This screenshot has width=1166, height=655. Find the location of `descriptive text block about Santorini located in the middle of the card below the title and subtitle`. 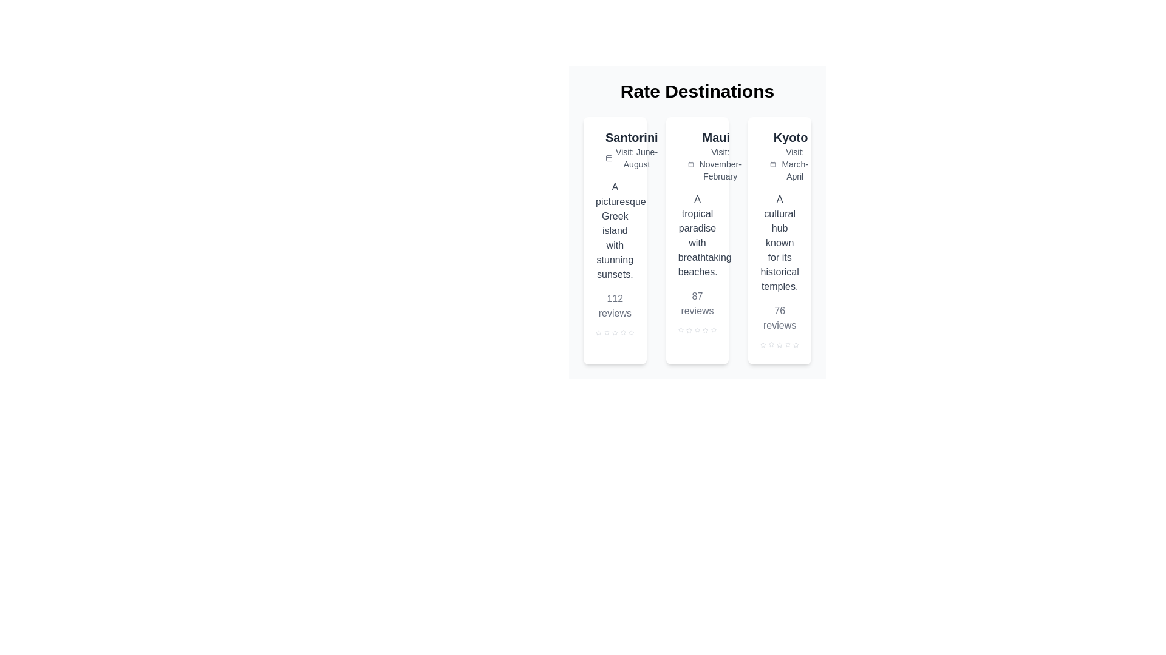

descriptive text block about Santorini located in the middle of the card below the title and subtitle is located at coordinates (615, 231).